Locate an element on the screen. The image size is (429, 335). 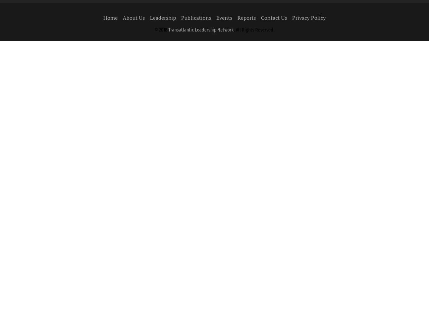
'About Us' is located at coordinates (133, 17).